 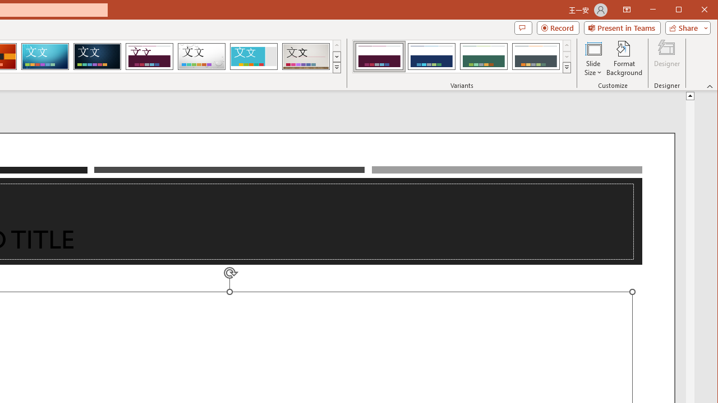 I want to click on 'Dividend Variant 1', so click(x=379, y=56).